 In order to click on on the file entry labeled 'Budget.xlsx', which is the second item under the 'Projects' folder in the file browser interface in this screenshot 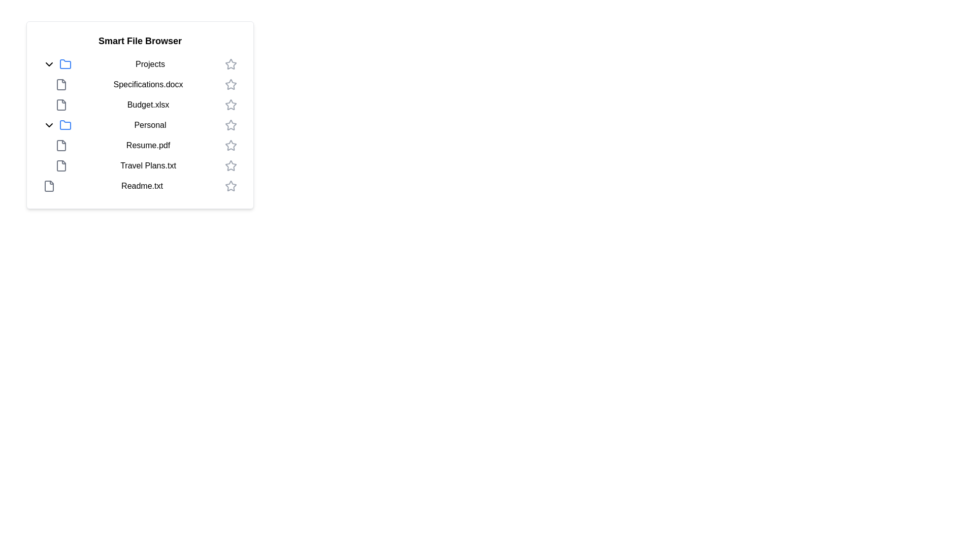, I will do `click(146, 105)`.